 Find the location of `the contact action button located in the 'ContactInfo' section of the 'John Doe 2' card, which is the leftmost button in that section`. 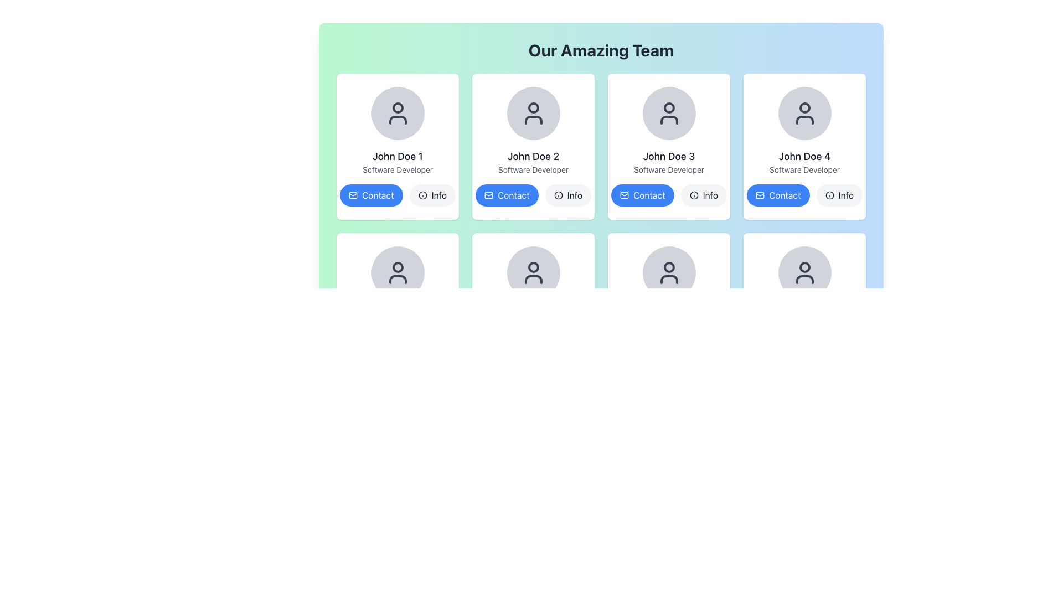

the contact action button located in the 'ContactInfo' section of the 'John Doe 2' card, which is the leftmost button in that section is located at coordinates (533, 195).